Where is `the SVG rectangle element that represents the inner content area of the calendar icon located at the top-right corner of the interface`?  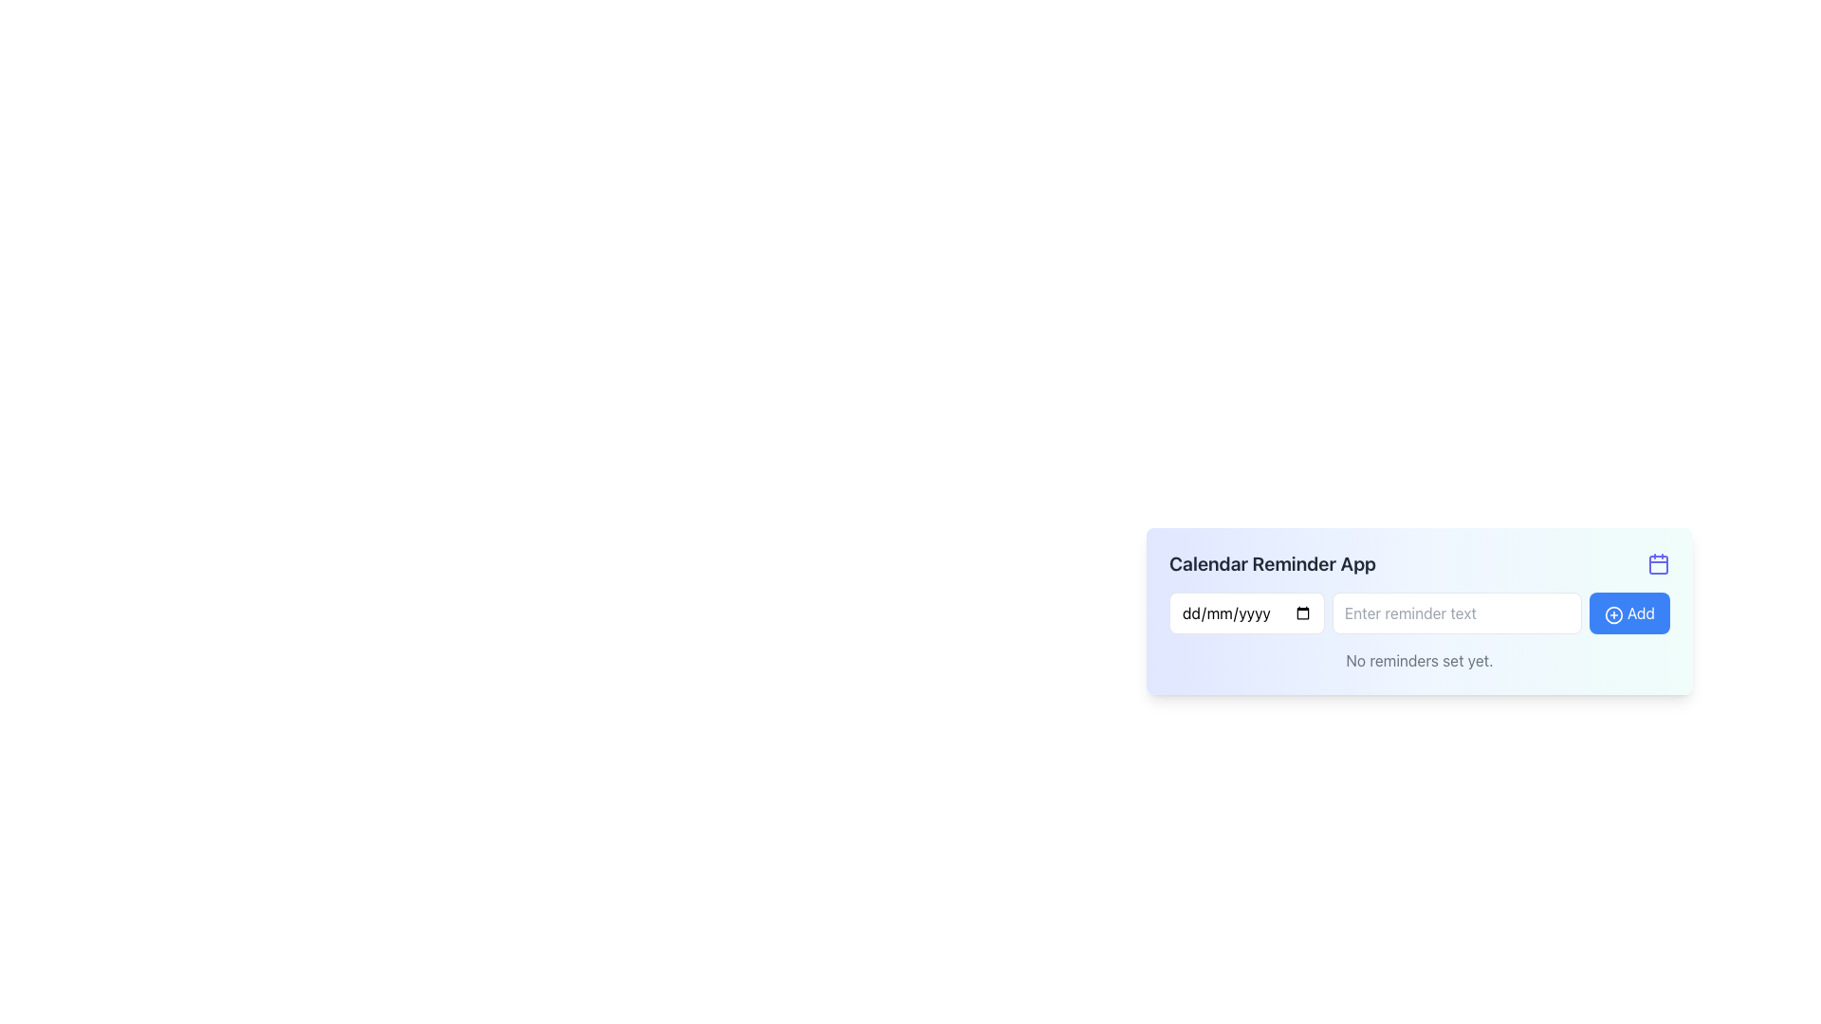 the SVG rectangle element that represents the inner content area of the calendar icon located at the top-right corner of the interface is located at coordinates (1657, 564).